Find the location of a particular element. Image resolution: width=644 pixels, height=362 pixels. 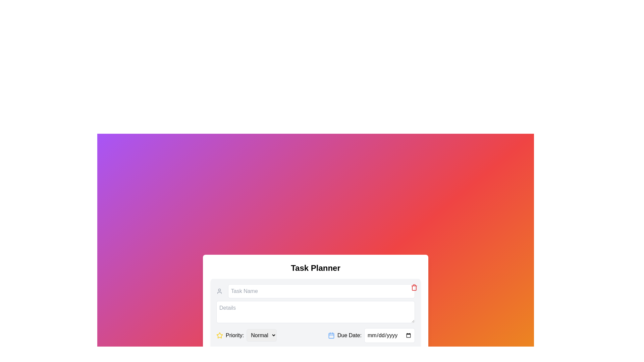

the Date input field located in the lower right section of the form is located at coordinates (371, 335).